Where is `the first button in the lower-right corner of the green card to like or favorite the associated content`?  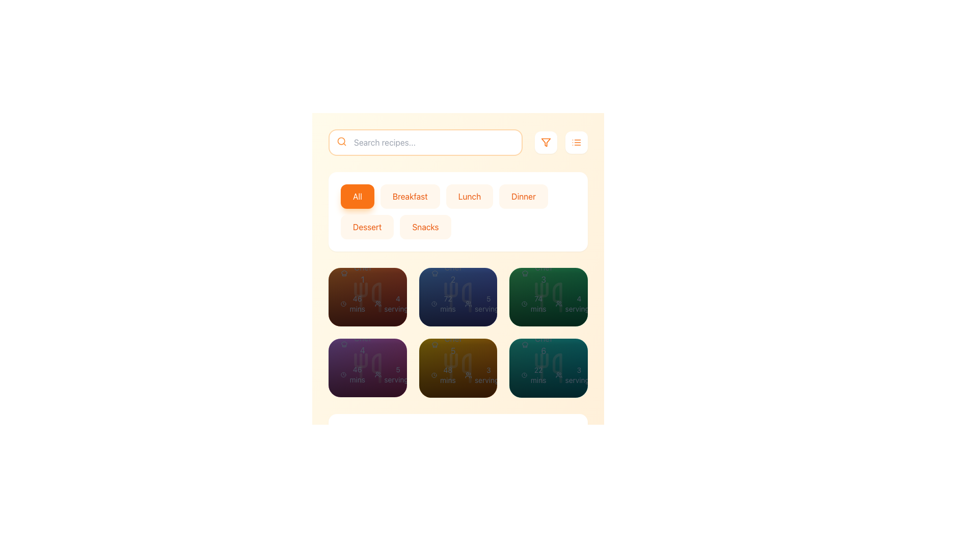 the first button in the lower-right corner of the green card to like or favorite the associated content is located at coordinates (518, 368).